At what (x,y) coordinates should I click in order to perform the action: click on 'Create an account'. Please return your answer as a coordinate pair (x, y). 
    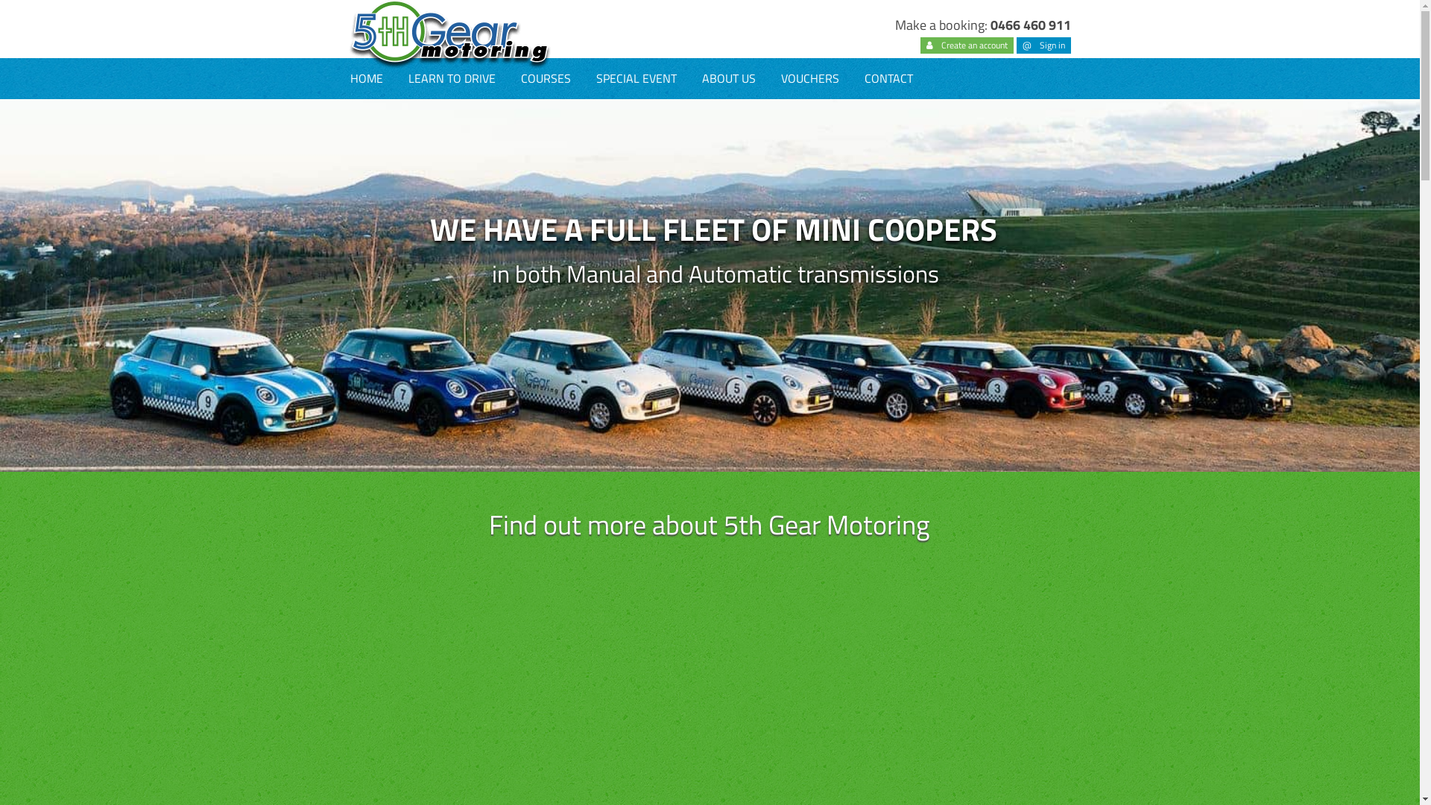
    Looking at the image, I should click on (919, 45).